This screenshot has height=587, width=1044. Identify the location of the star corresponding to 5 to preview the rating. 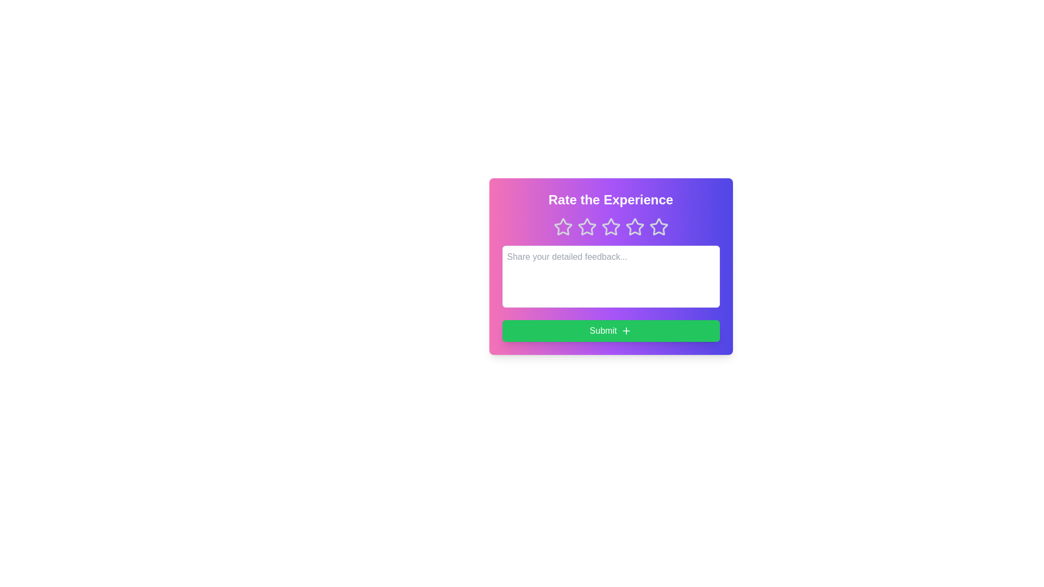
(658, 226).